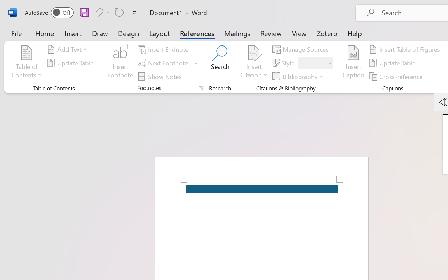 Image resolution: width=448 pixels, height=280 pixels. I want to click on 'Next Footnote', so click(163, 63).